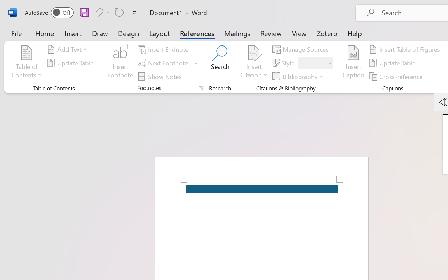 Image resolution: width=448 pixels, height=280 pixels. I want to click on 'Next Footnote', so click(163, 63).